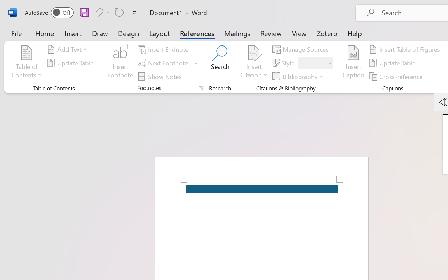 Image resolution: width=448 pixels, height=280 pixels. I want to click on 'Next Footnote', so click(163, 63).